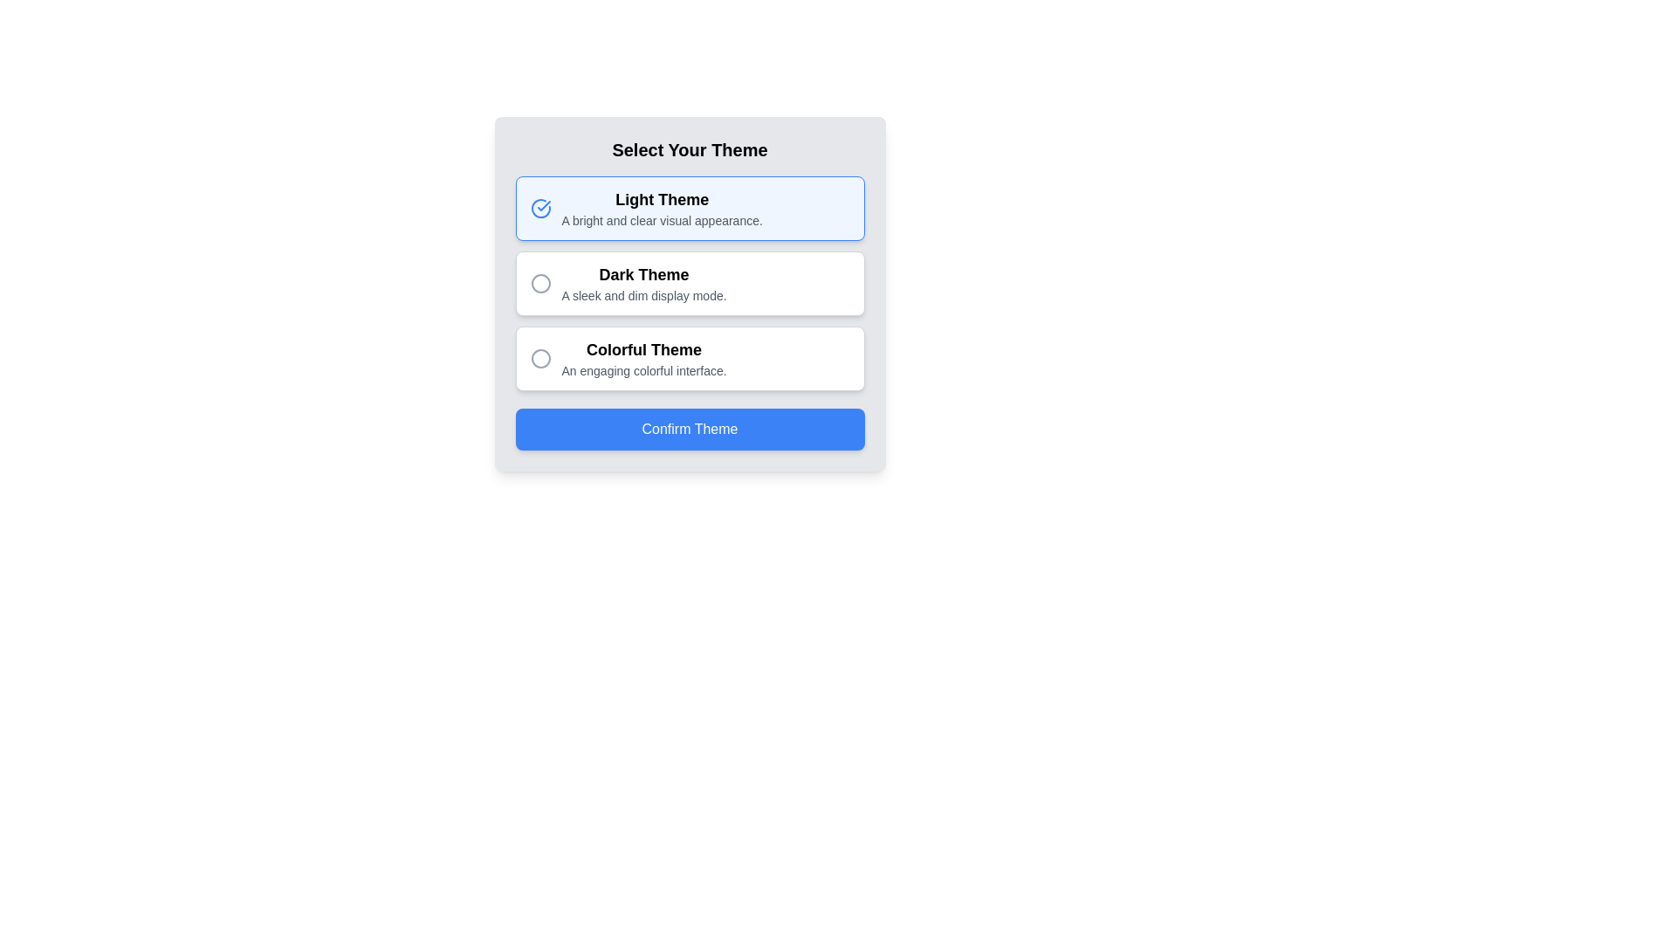  I want to click on the third option in the theme selection list, labeled 'Colorful Theme', to set it as the active choice, so click(689, 358).